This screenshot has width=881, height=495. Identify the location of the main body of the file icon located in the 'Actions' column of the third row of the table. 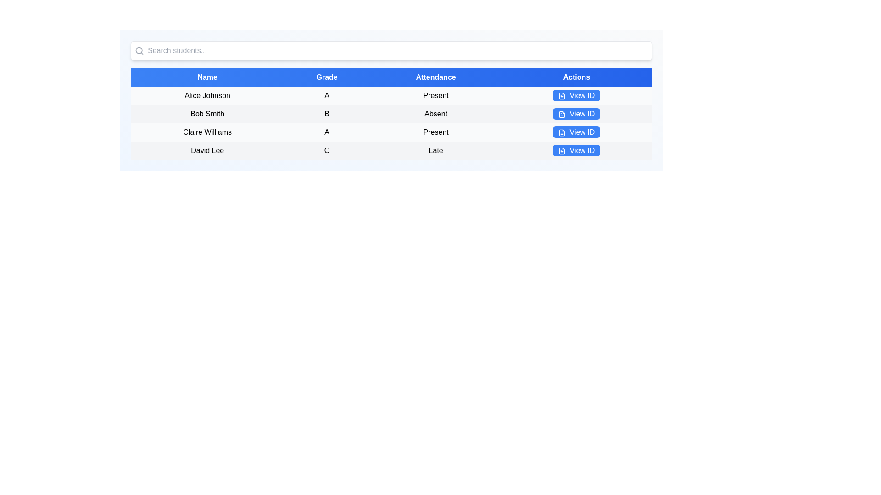
(562, 132).